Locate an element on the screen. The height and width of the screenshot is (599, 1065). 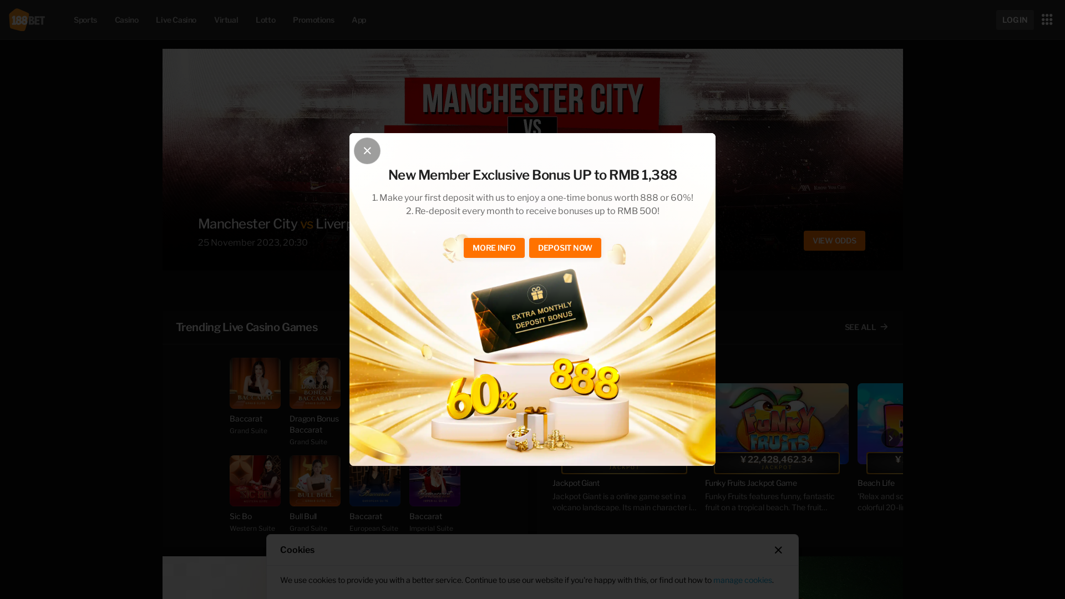
'Casino' is located at coordinates (126, 19).